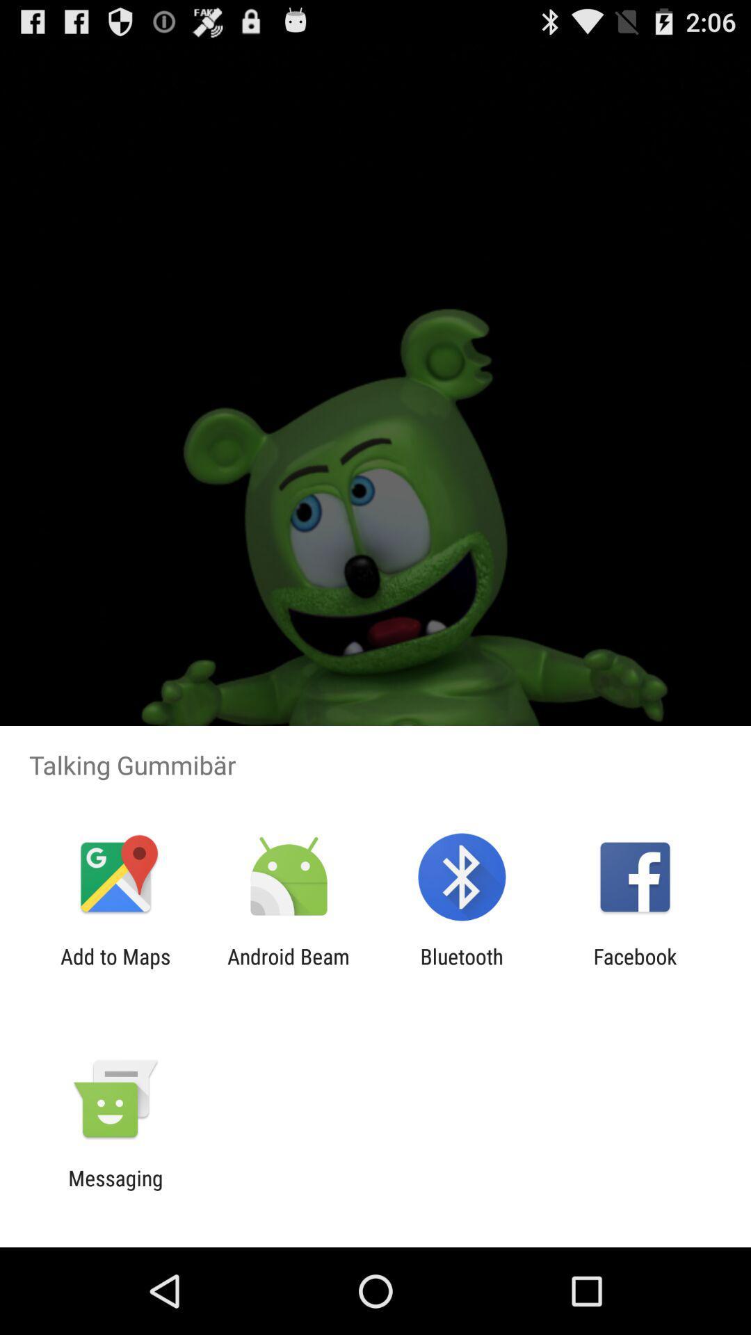  I want to click on the android beam app, so click(288, 968).